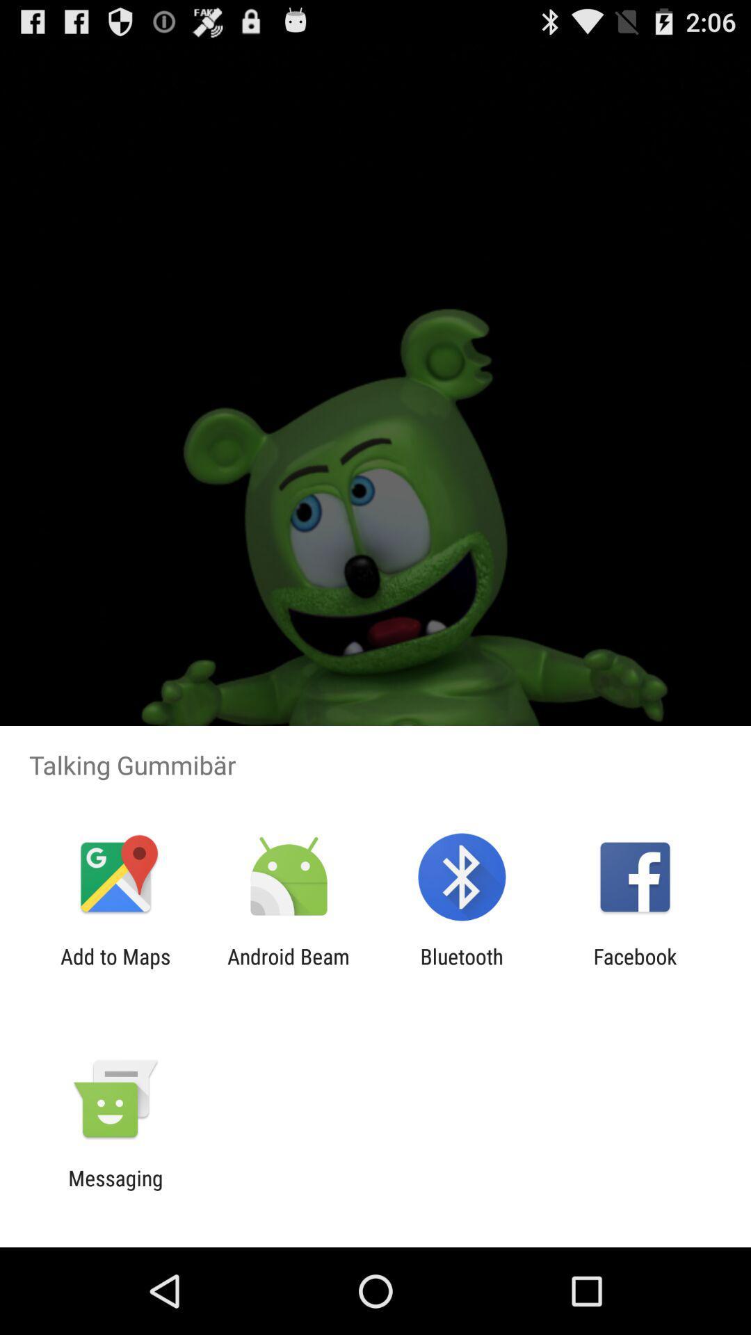  I want to click on the android beam app, so click(288, 968).